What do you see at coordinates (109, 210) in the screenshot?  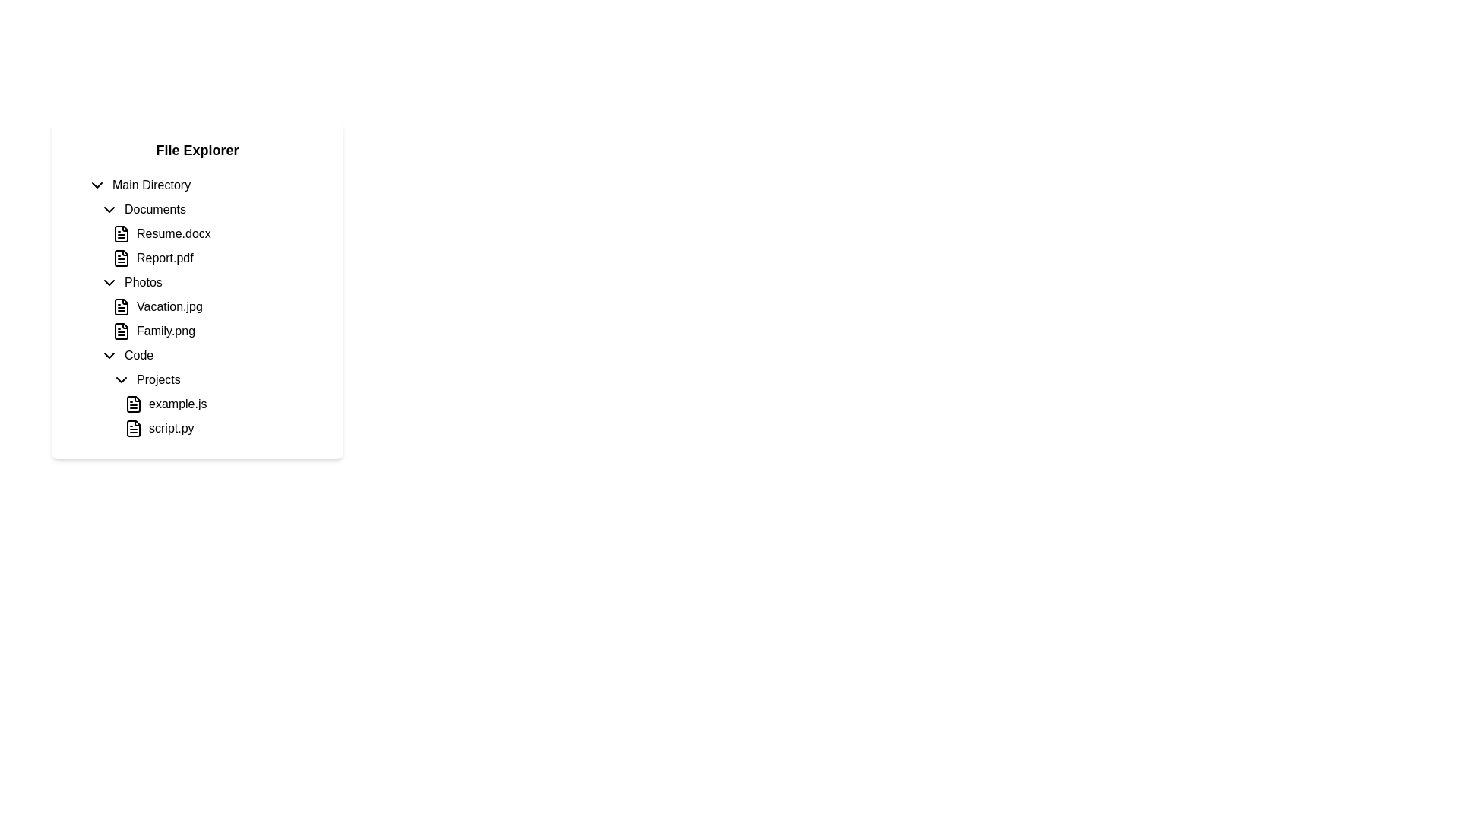 I see `the downward-facing chevron icon button located immediately to the left of the 'Documents' text` at bounding box center [109, 210].